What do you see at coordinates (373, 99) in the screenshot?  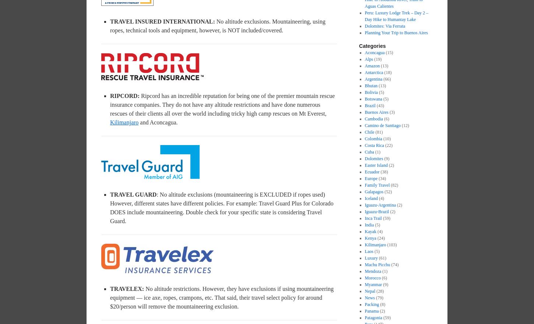 I see `'Botswana'` at bounding box center [373, 99].